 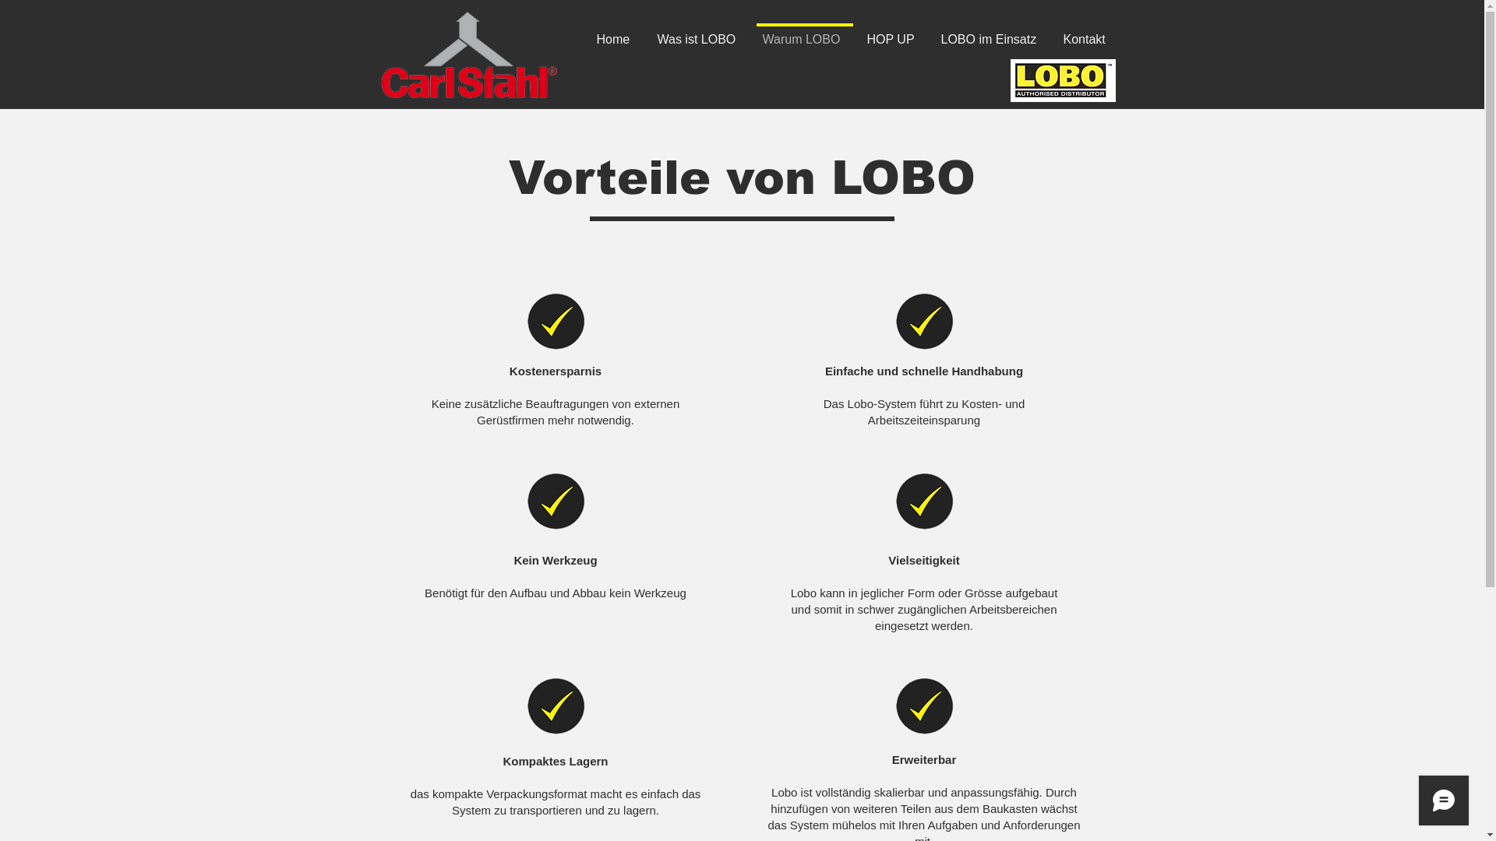 I want to click on 'Was ist LOBO', so click(x=698, y=32).